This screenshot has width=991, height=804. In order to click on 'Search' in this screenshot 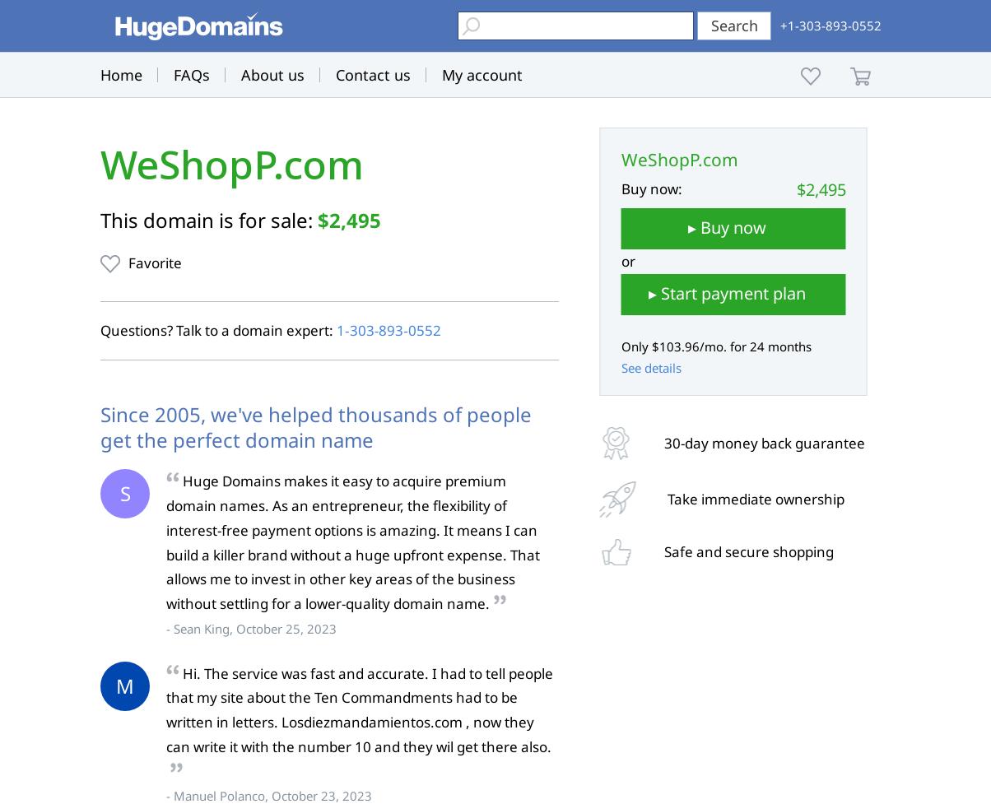, I will do `click(733, 25)`.